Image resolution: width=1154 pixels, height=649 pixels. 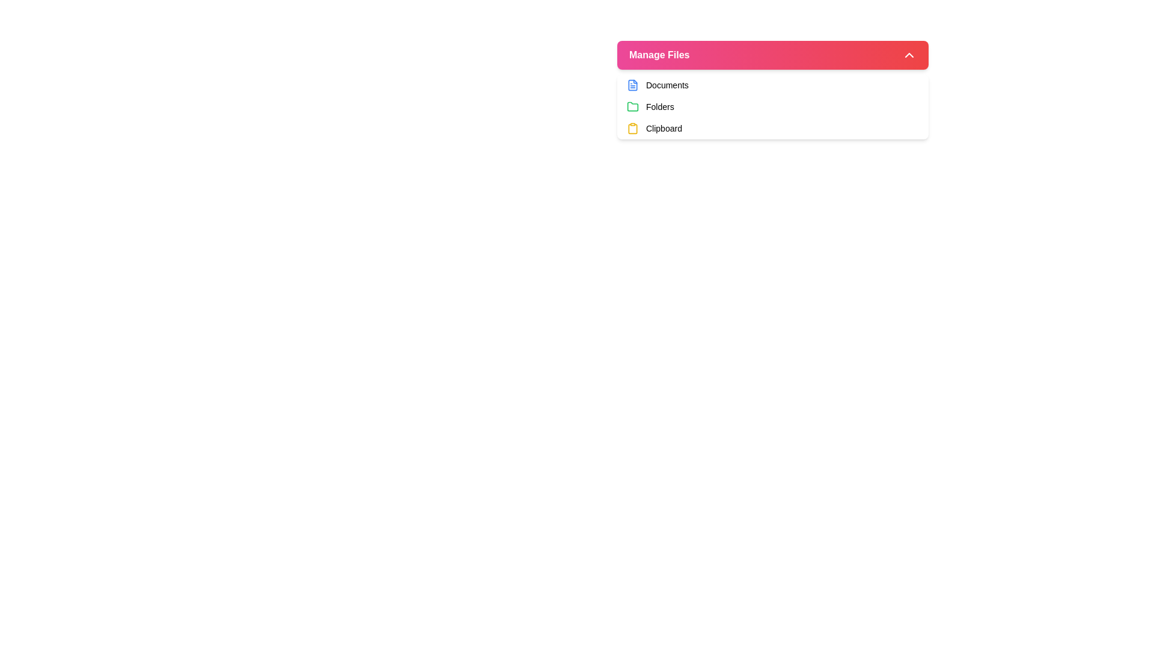 I want to click on to select the 'Clipboard' option, which is the third row in the 'Manage Files' list of options, so click(x=773, y=128).